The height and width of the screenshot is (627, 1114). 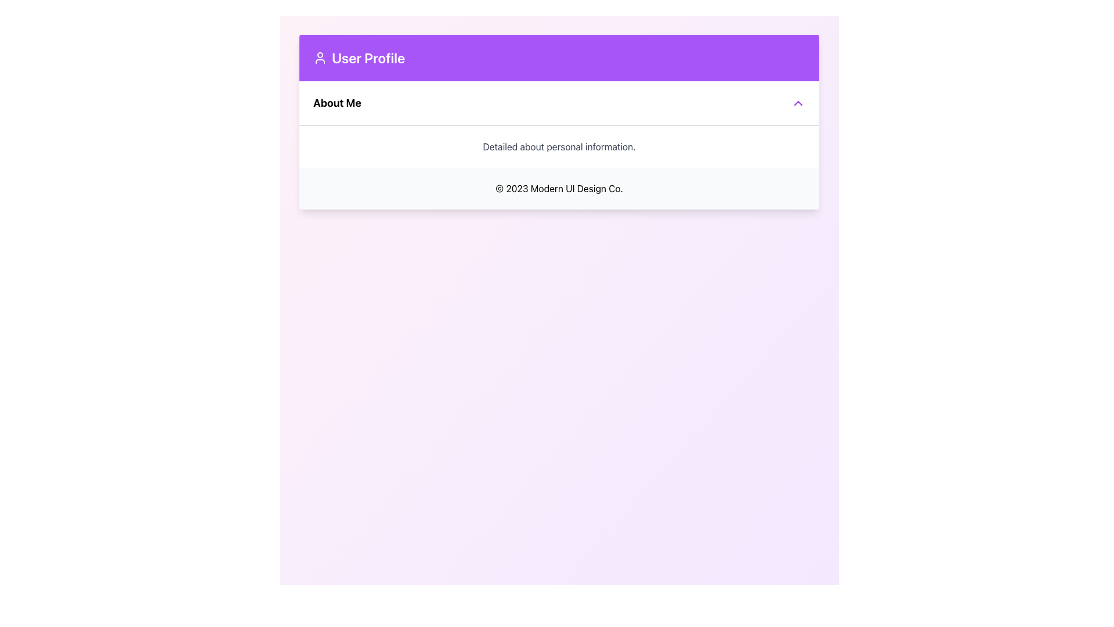 What do you see at coordinates (559, 146) in the screenshot?
I see `the static text displaying 'Detailed about personal information.' which is located below the 'About Me' section in a muted gray tone` at bounding box center [559, 146].